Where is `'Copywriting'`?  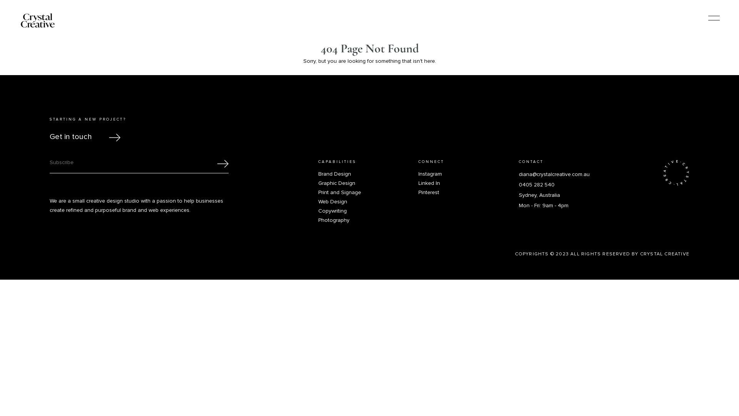
'Copywriting' is located at coordinates (368, 211).